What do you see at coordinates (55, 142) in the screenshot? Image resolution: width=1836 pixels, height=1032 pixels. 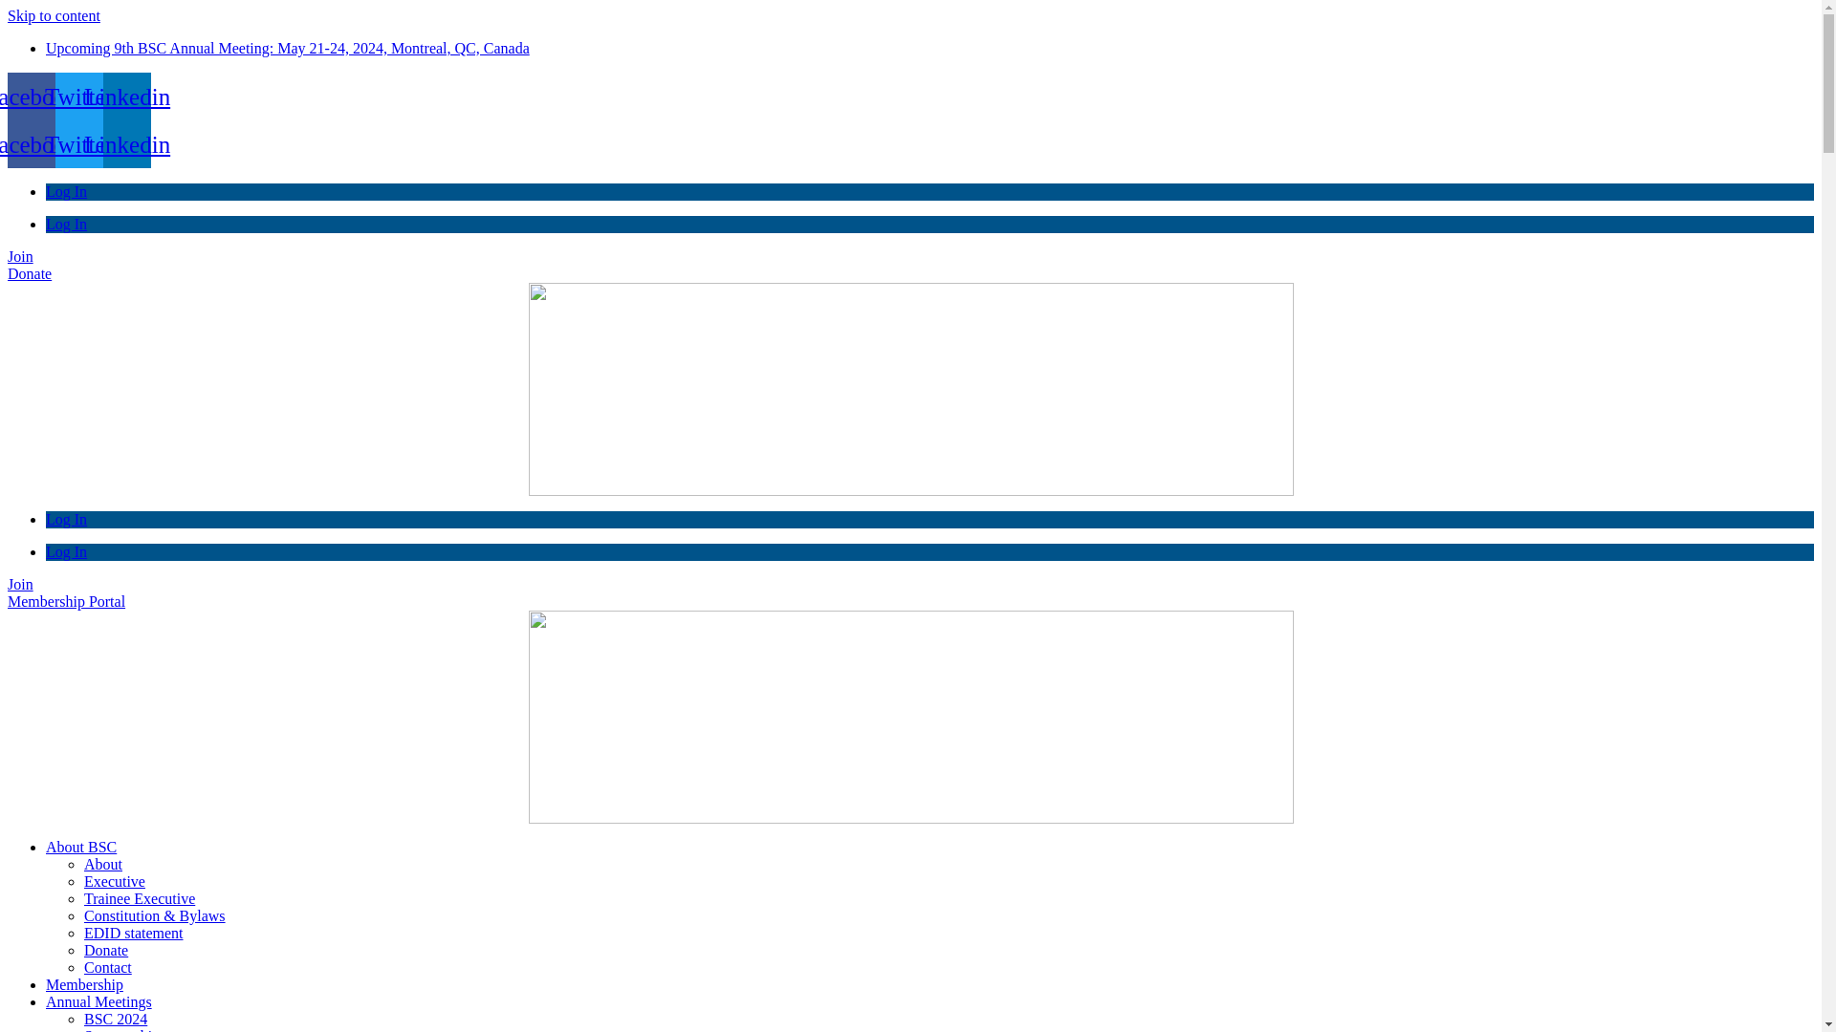 I see `'Twitter'` at bounding box center [55, 142].